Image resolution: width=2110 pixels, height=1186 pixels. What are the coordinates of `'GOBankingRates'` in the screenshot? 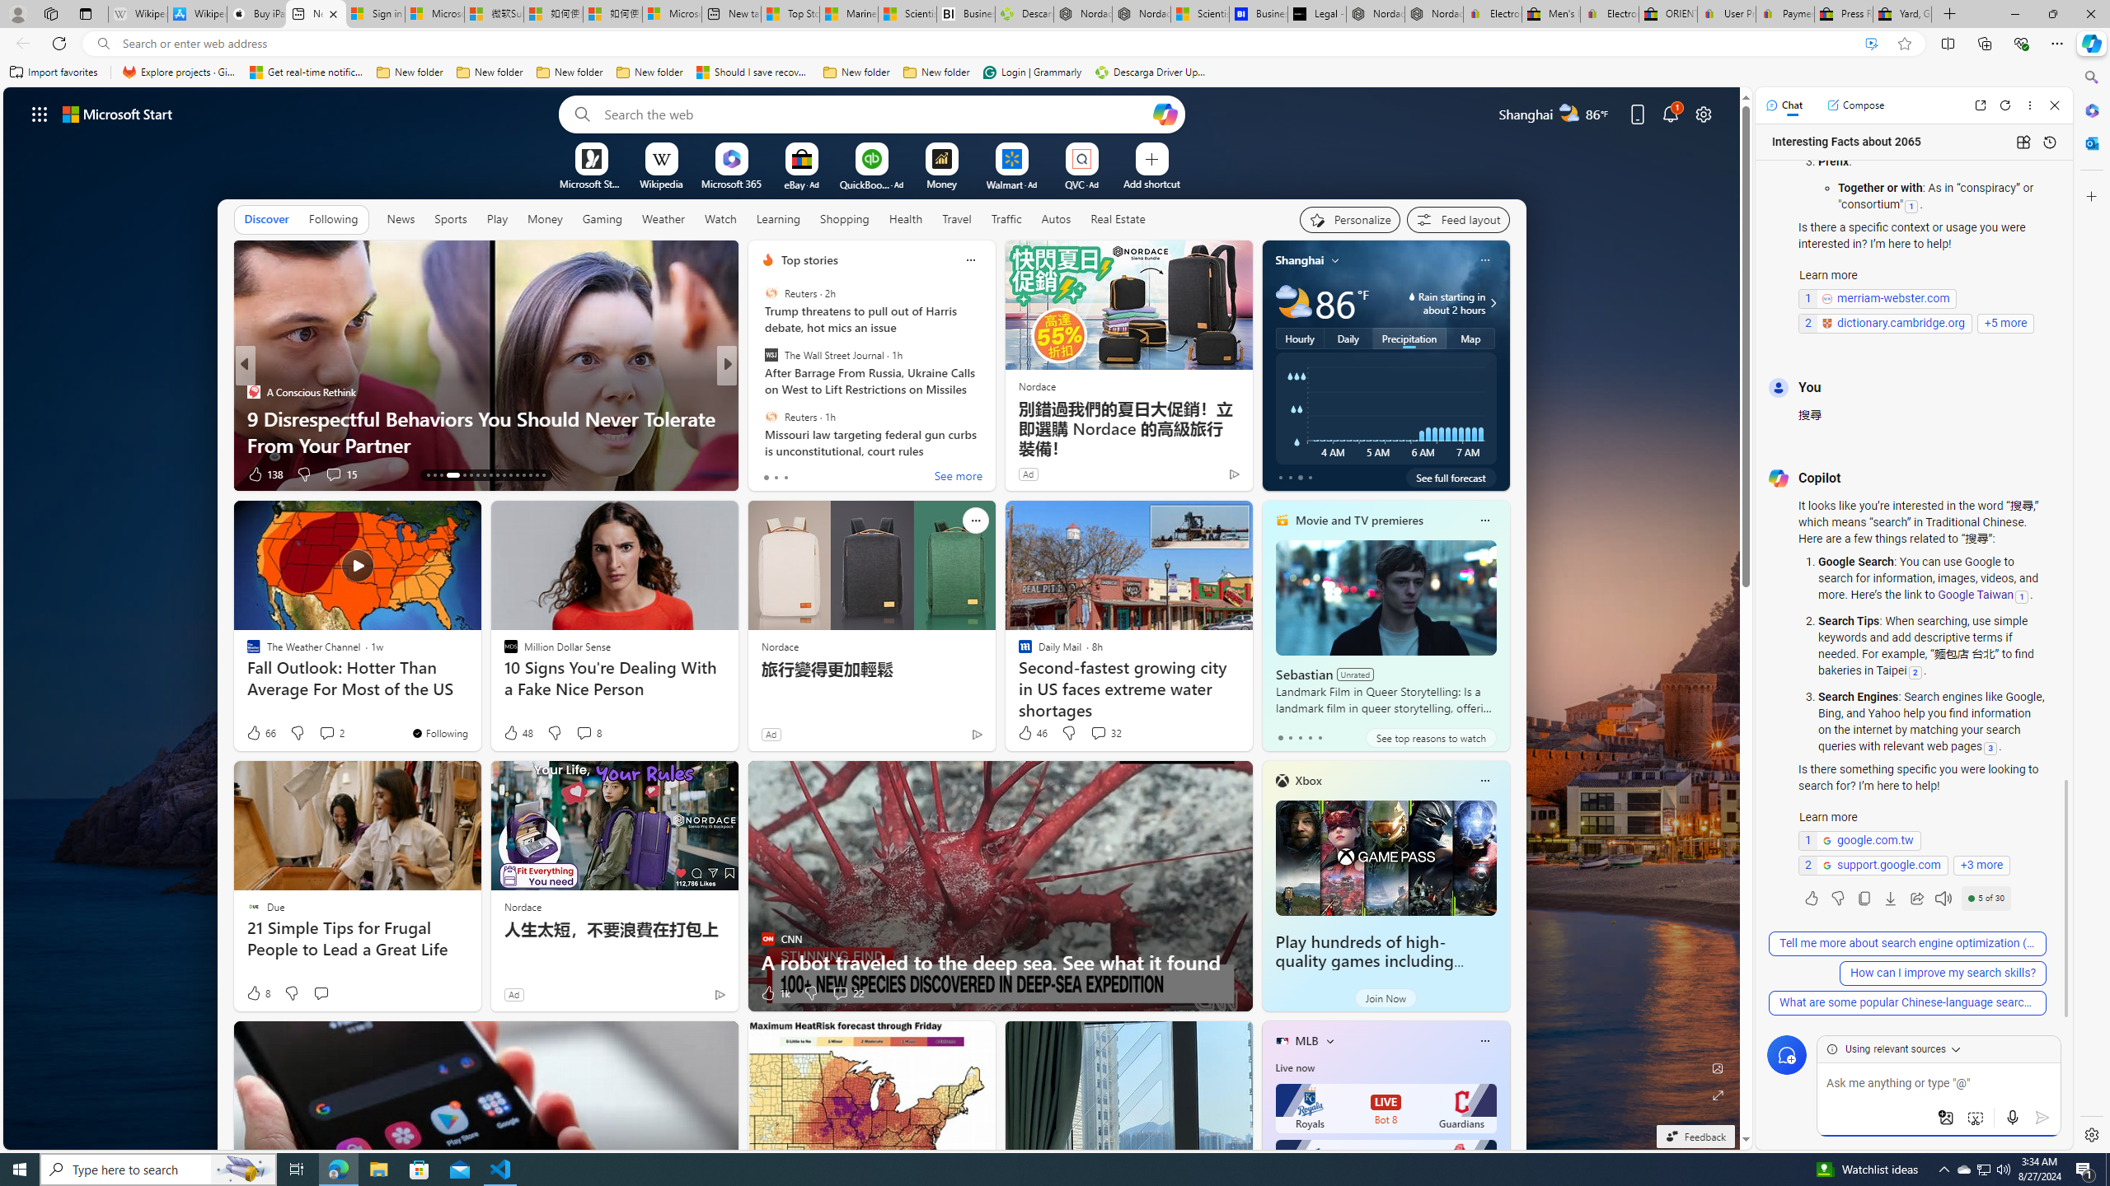 It's located at (759, 390).